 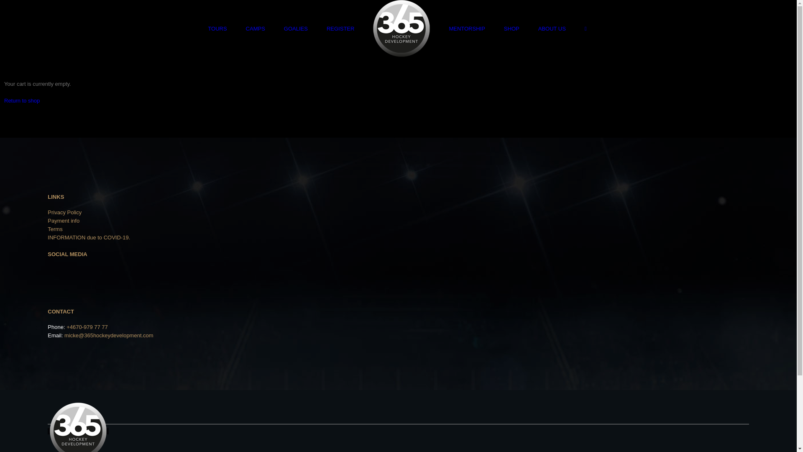 What do you see at coordinates (47, 237) in the screenshot?
I see `'INFORMATION due to COVID-19.'` at bounding box center [47, 237].